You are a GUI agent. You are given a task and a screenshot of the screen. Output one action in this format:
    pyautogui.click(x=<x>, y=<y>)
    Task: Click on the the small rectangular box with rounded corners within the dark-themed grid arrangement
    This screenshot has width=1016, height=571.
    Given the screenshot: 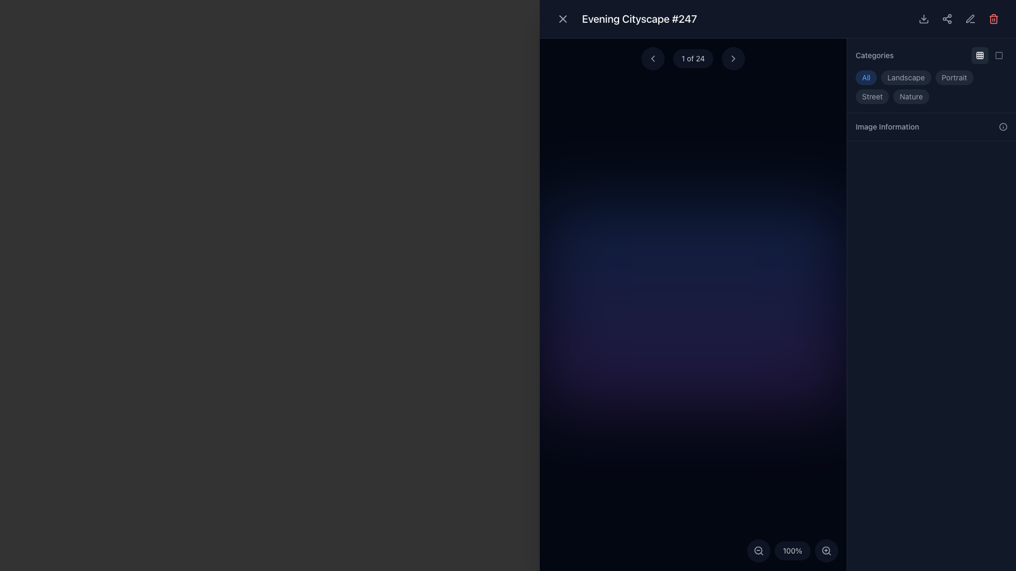 What is the action you would take?
    pyautogui.click(x=979, y=55)
    